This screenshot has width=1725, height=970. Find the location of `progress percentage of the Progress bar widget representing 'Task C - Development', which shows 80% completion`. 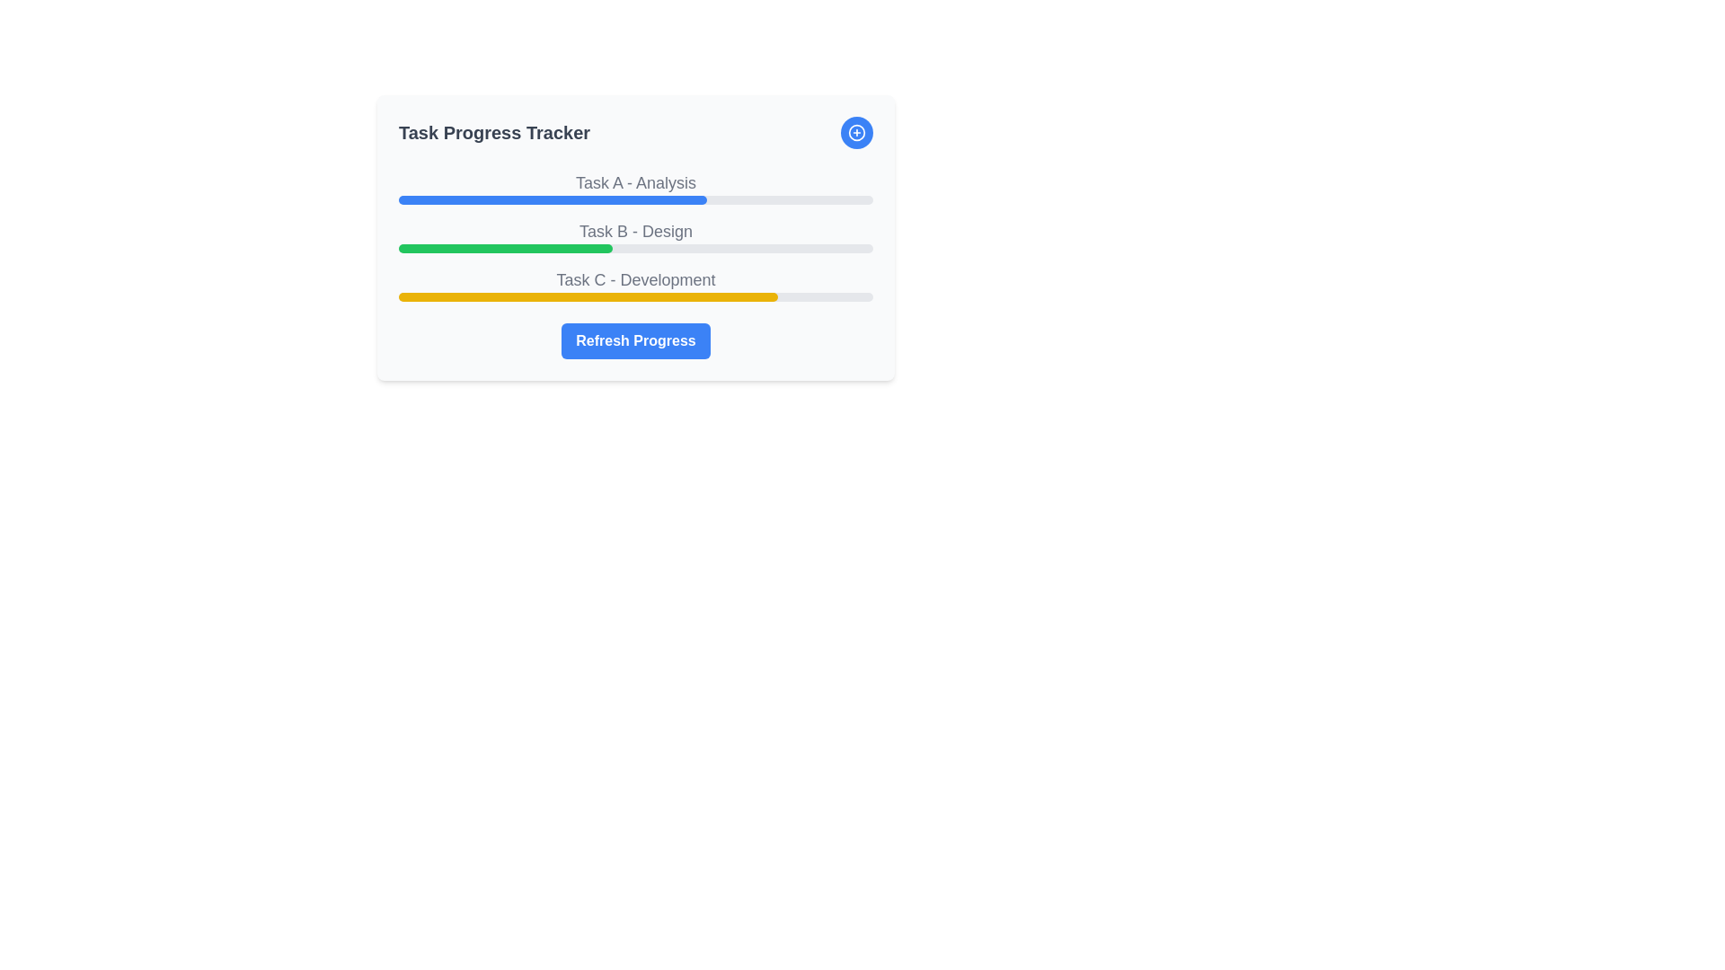

progress percentage of the Progress bar widget representing 'Task C - Development', which shows 80% completion is located at coordinates (636, 283).